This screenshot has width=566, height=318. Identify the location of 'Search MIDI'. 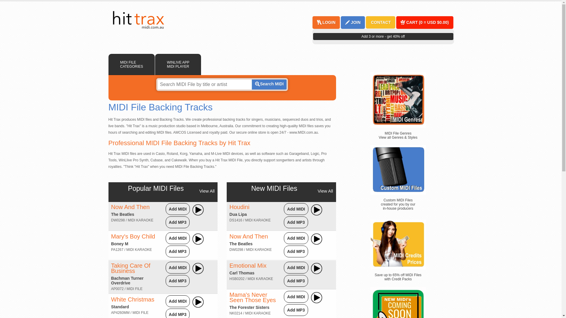
(269, 84).